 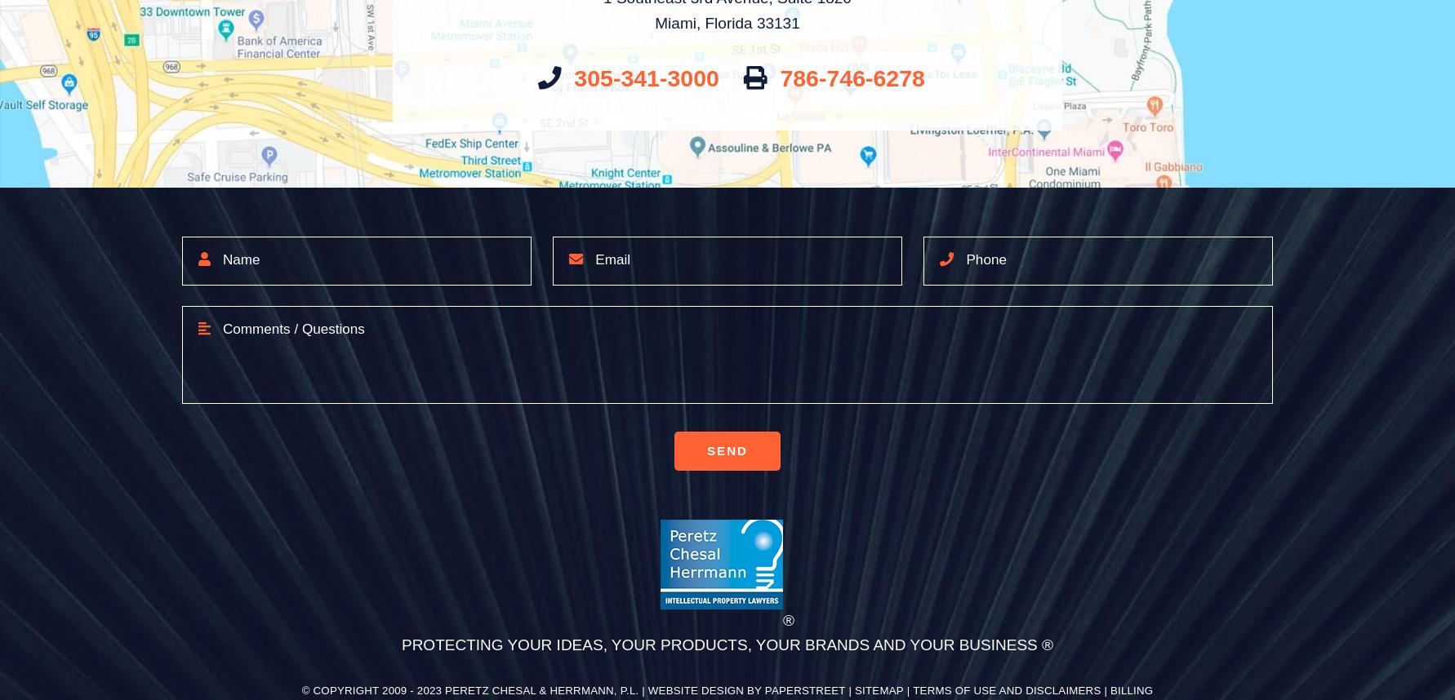 What do you see at coordinates (674, 22) in the screenshot?
I see `'Miami'` at bounding box center [674, 22].